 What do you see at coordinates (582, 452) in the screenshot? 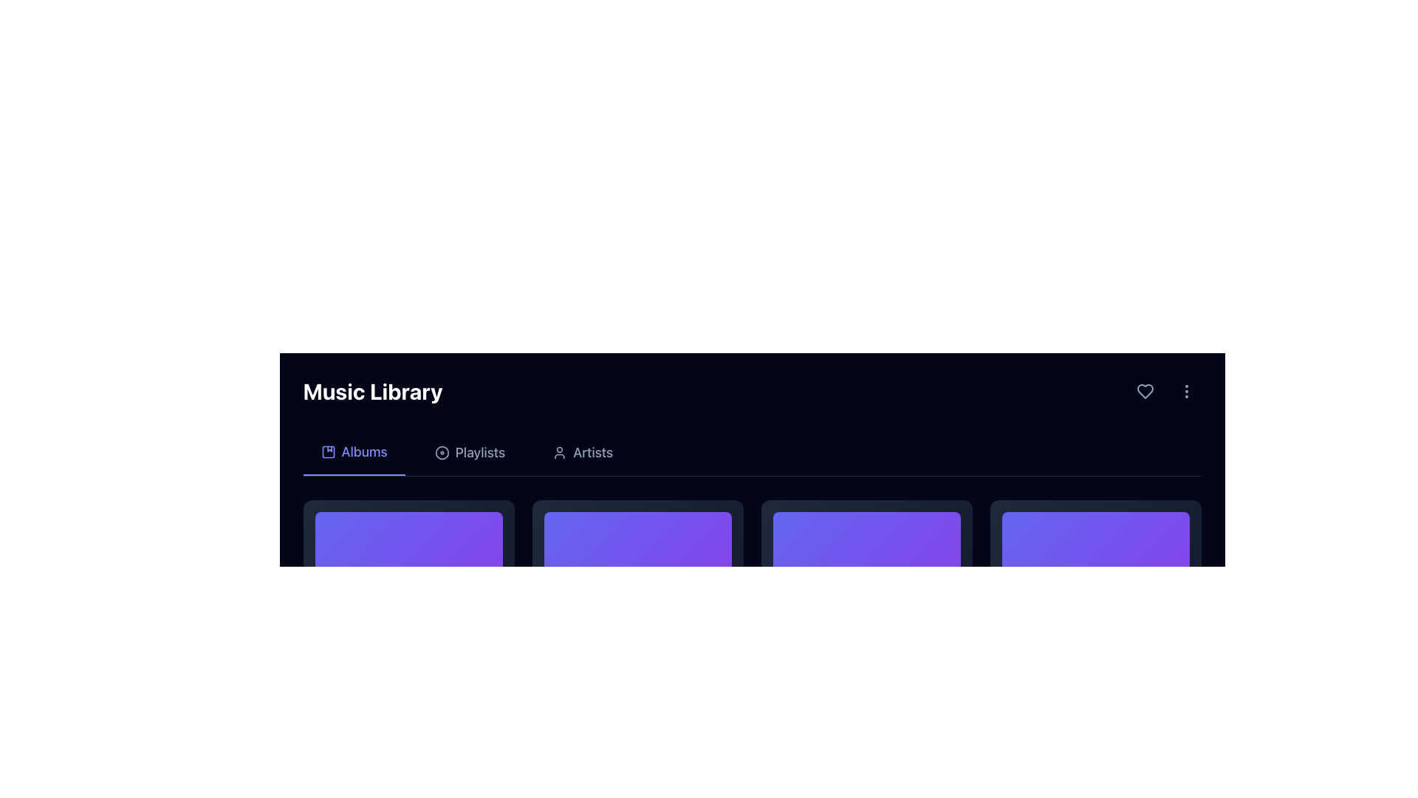
I see `the 'Artists' button in the header section of the navigation menu` at bounding box center [582, 452].